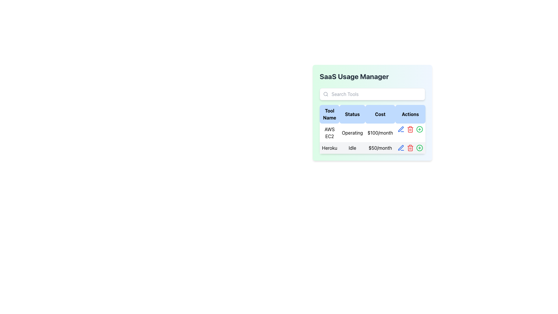 Image resolution: width=558 pixels, height=314 pixels. I want to click on the first row of the data table that displays AWS EC2 service details, including its name, operational status, and monthly cost, so click(372, 139).